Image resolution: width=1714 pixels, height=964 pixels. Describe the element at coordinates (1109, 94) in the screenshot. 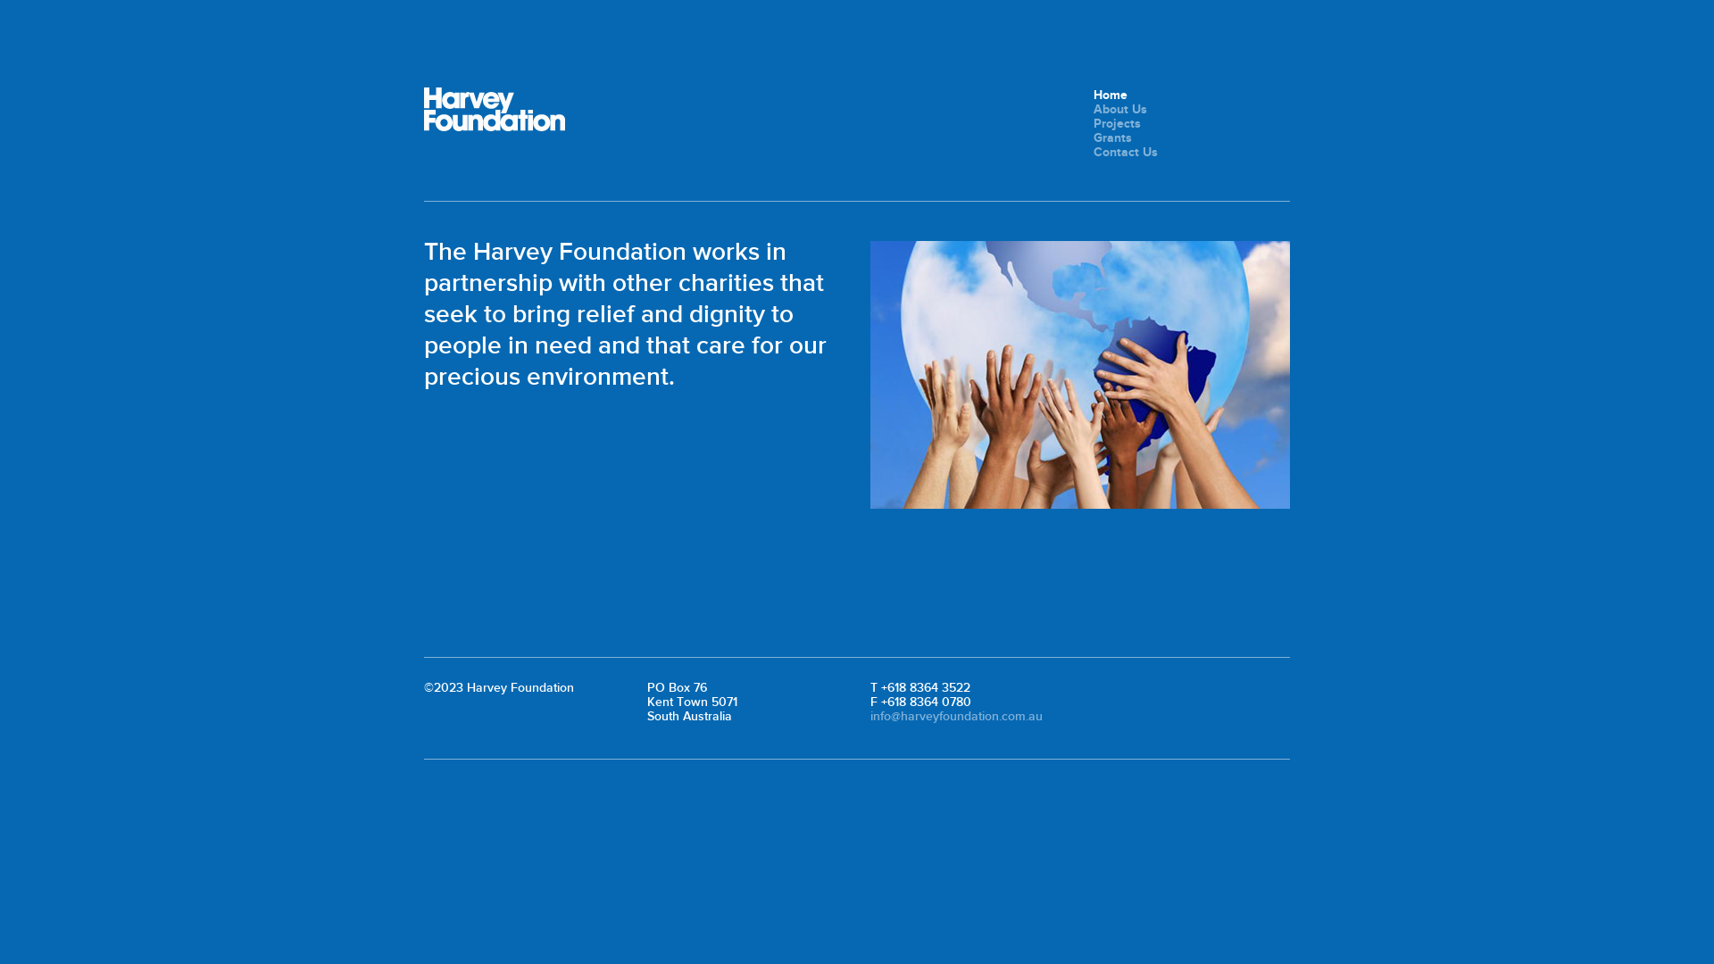

I see `'Home'` at that location.